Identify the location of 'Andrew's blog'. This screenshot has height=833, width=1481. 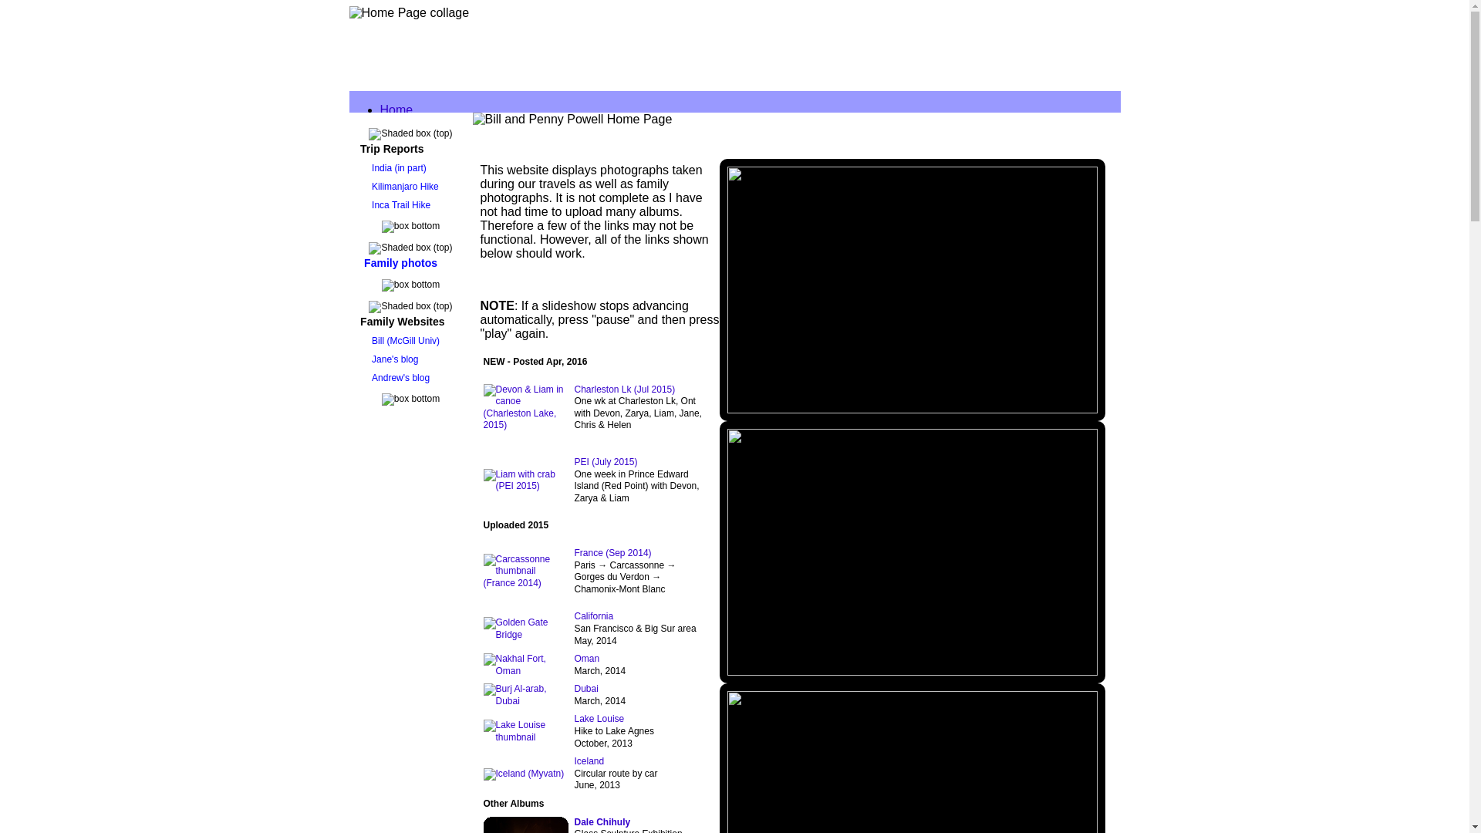
(399, 377).